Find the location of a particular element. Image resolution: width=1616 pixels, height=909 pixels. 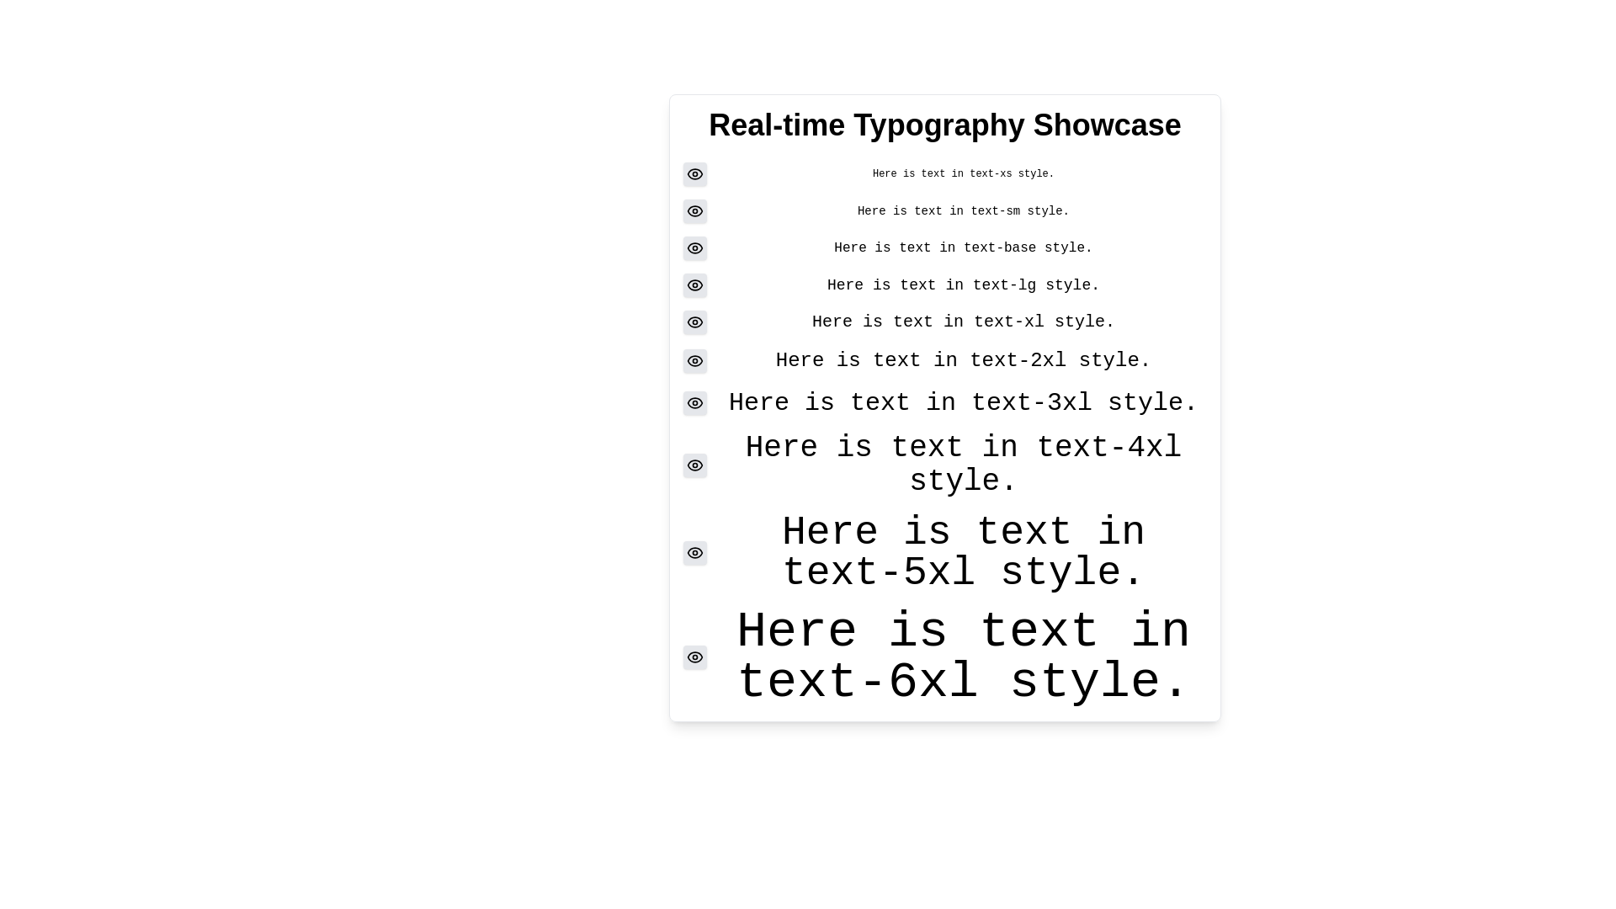

the eye-shaped icon within the interactive button is located at coordinates (694, 359).